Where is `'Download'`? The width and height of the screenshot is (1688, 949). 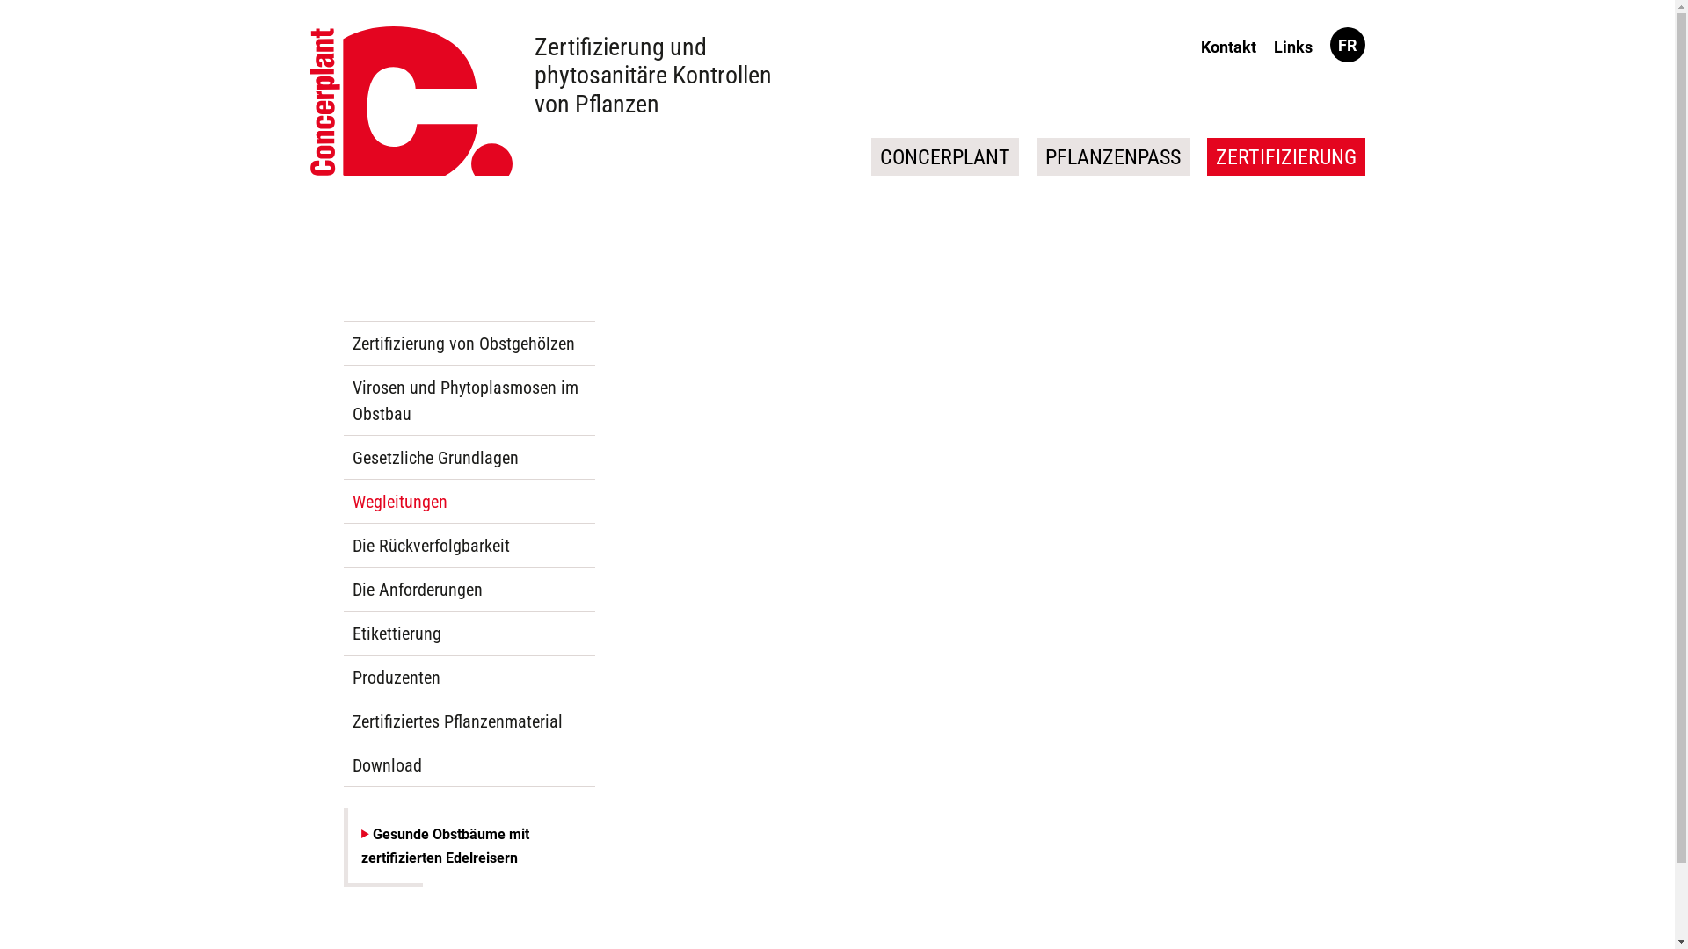 'Download' is located at coordinates (468, 764).